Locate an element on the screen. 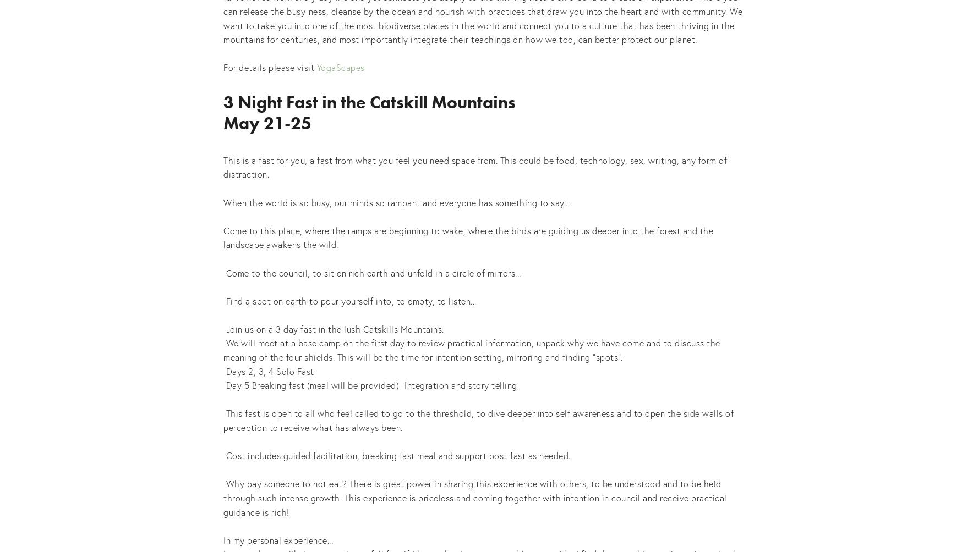  'Find a spot on earth to pour yourself into, to empty, to listen...' is located at coordinates (223, 300).